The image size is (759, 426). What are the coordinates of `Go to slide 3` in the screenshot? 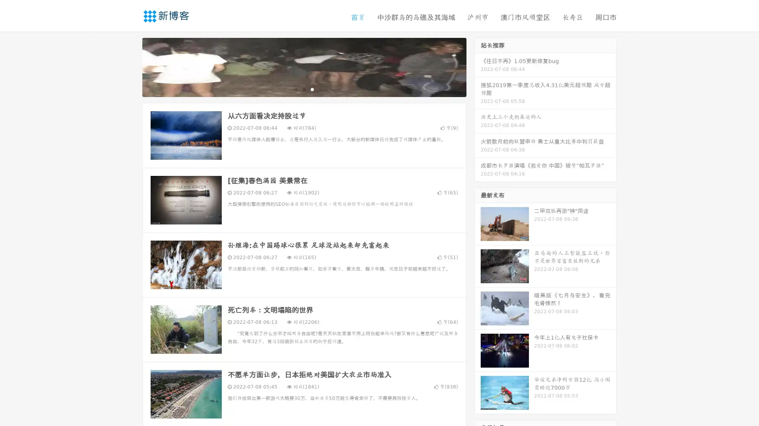 It's located at (312, 89).